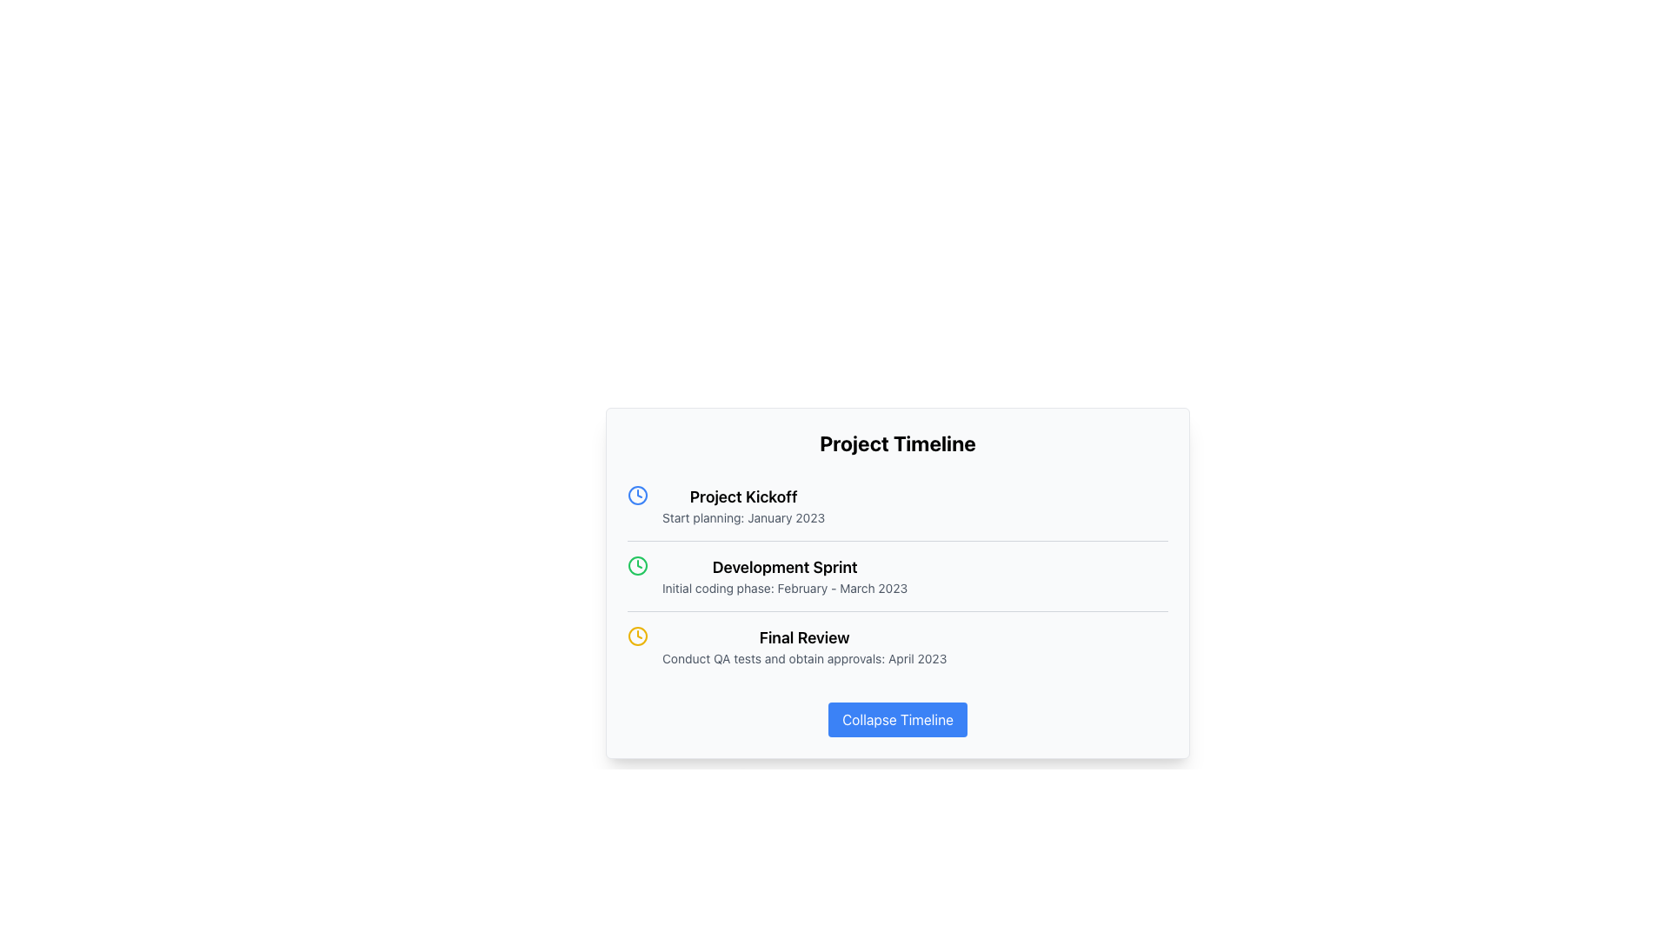  I want to click on the Text Label that serves as a heading for a milestone in the timeline component, located at the lower third of the overall timeline, so click(803, 637).